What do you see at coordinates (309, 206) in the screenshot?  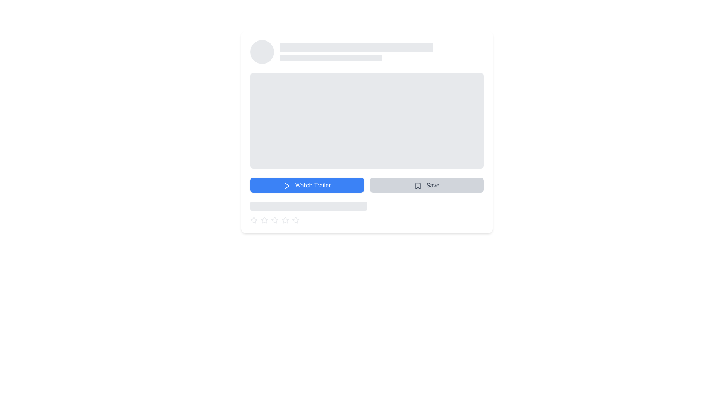 I see `the loading bar or placeholder, which is a horizontal rectangular bar with rounded corners, located beneath the 'Watch Trailer' and 'Save' buttons` at bounding box center [309, 206].